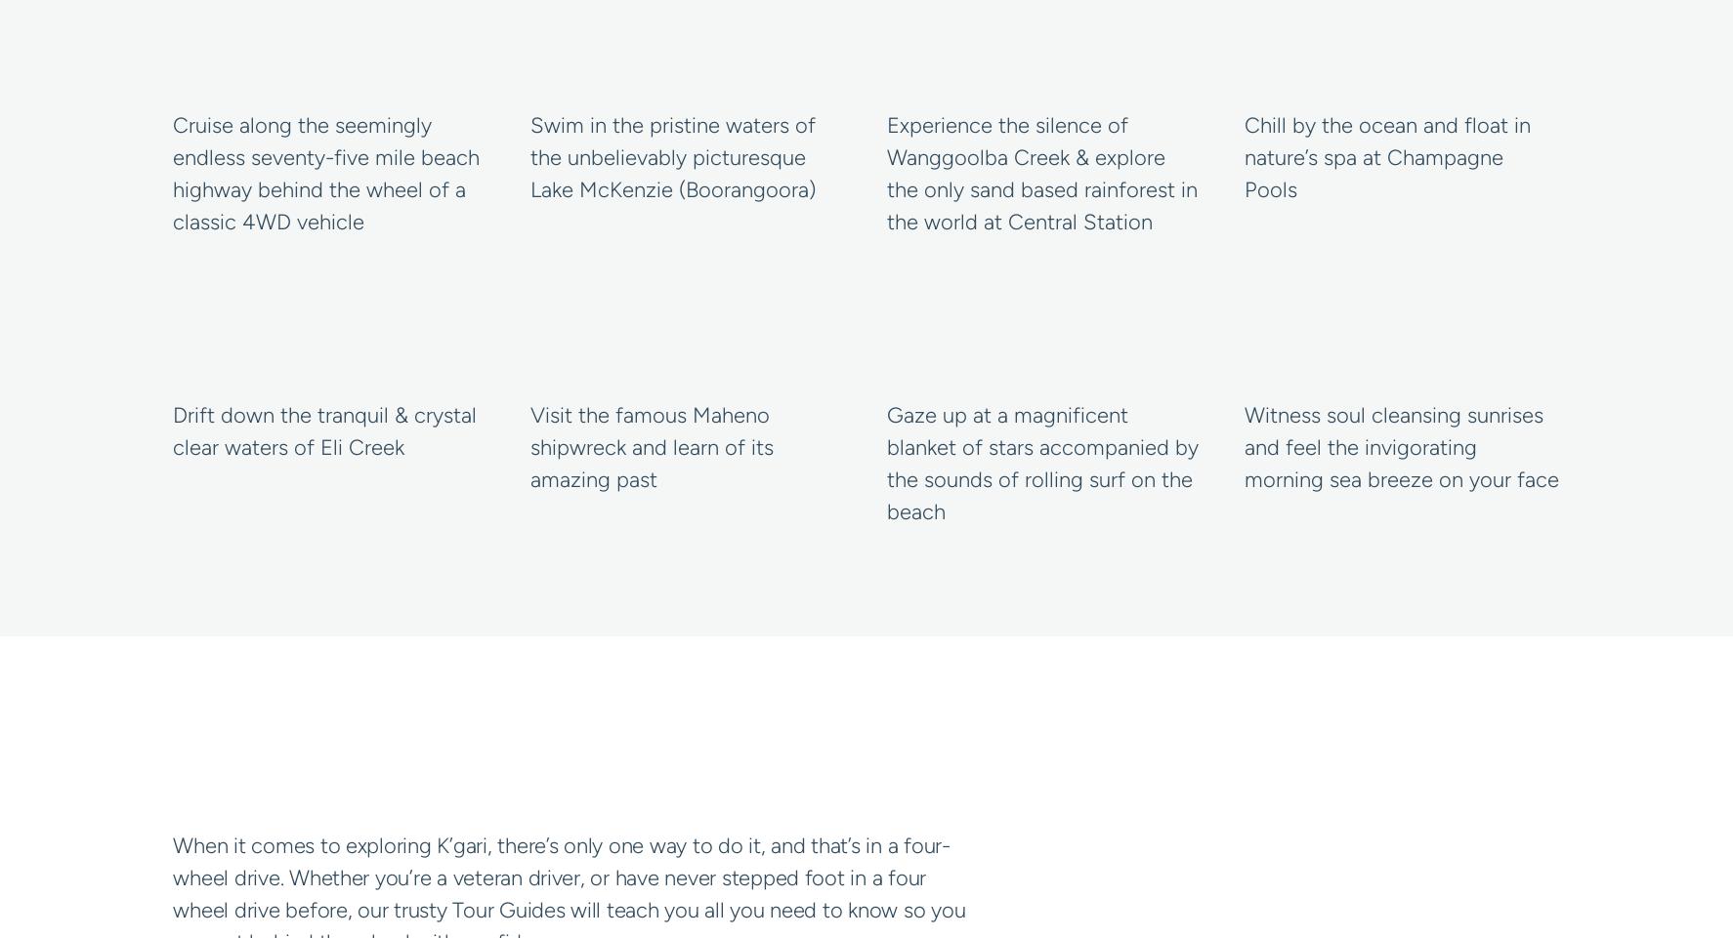 The height and width of the screenshot is (938, 1733). Describe the element at coordinates (1041, 463) in the screenshot. I see `'Gaze up at a magnificent blanket of stars accompanied by the sounds of rolling surf on the beach'` at that location.